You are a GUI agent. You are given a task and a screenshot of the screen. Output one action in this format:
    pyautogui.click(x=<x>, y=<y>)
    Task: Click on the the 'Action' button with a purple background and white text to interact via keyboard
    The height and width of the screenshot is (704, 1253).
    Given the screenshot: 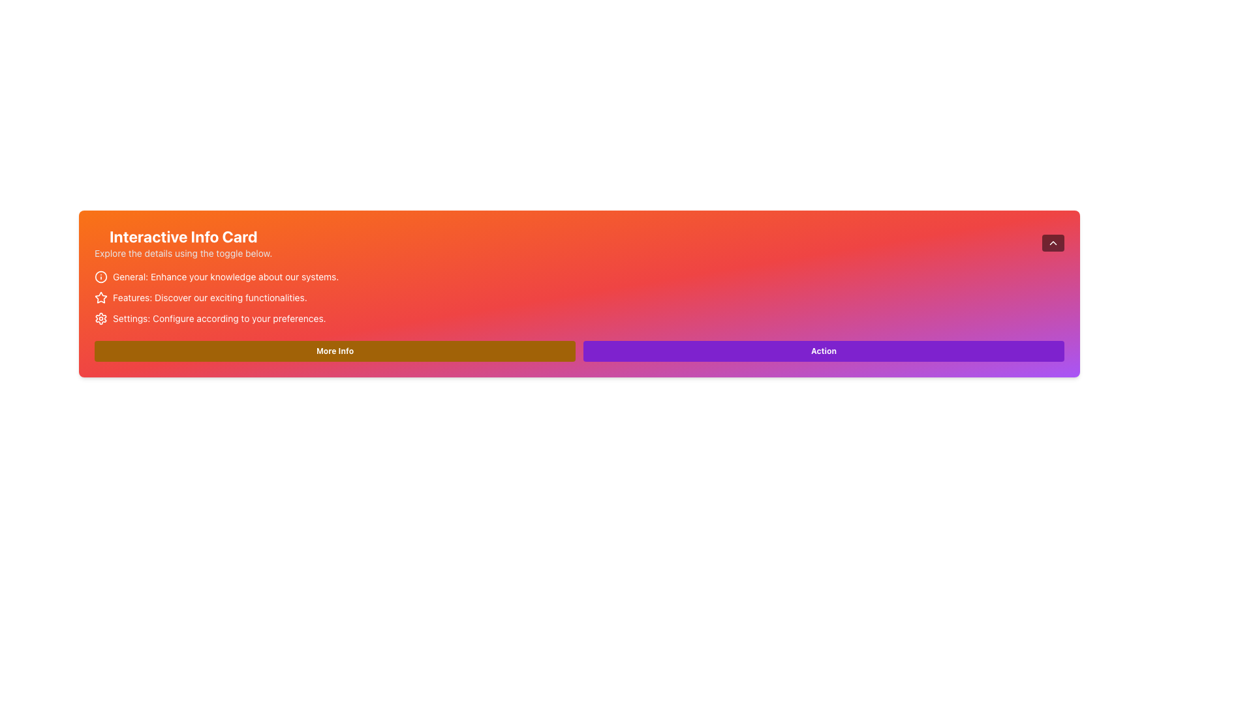 What is the action you would take?
    pyautogui.click(x=823, y=351)
    